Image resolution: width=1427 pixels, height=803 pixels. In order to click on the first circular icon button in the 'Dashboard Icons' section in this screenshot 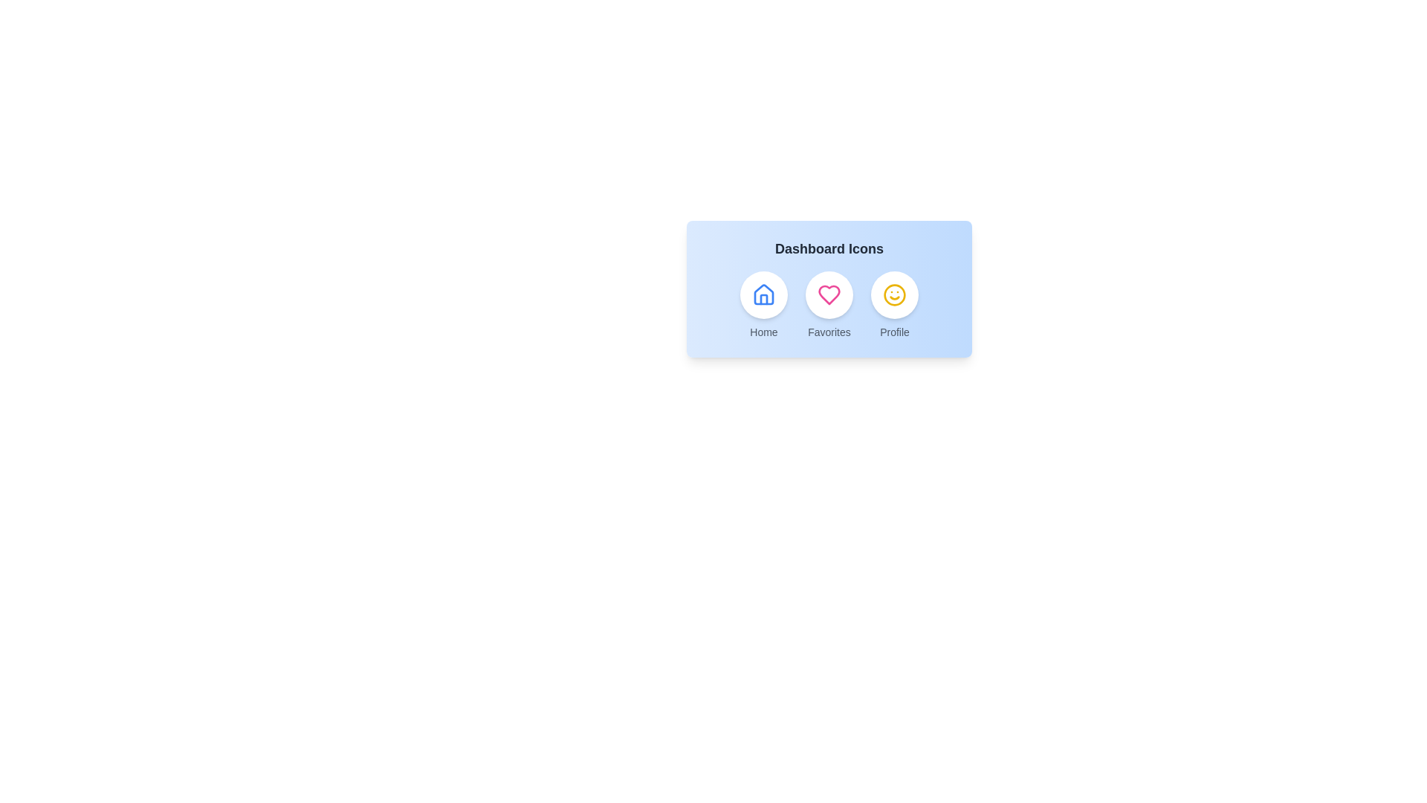, I will do `click(763, 295)`.